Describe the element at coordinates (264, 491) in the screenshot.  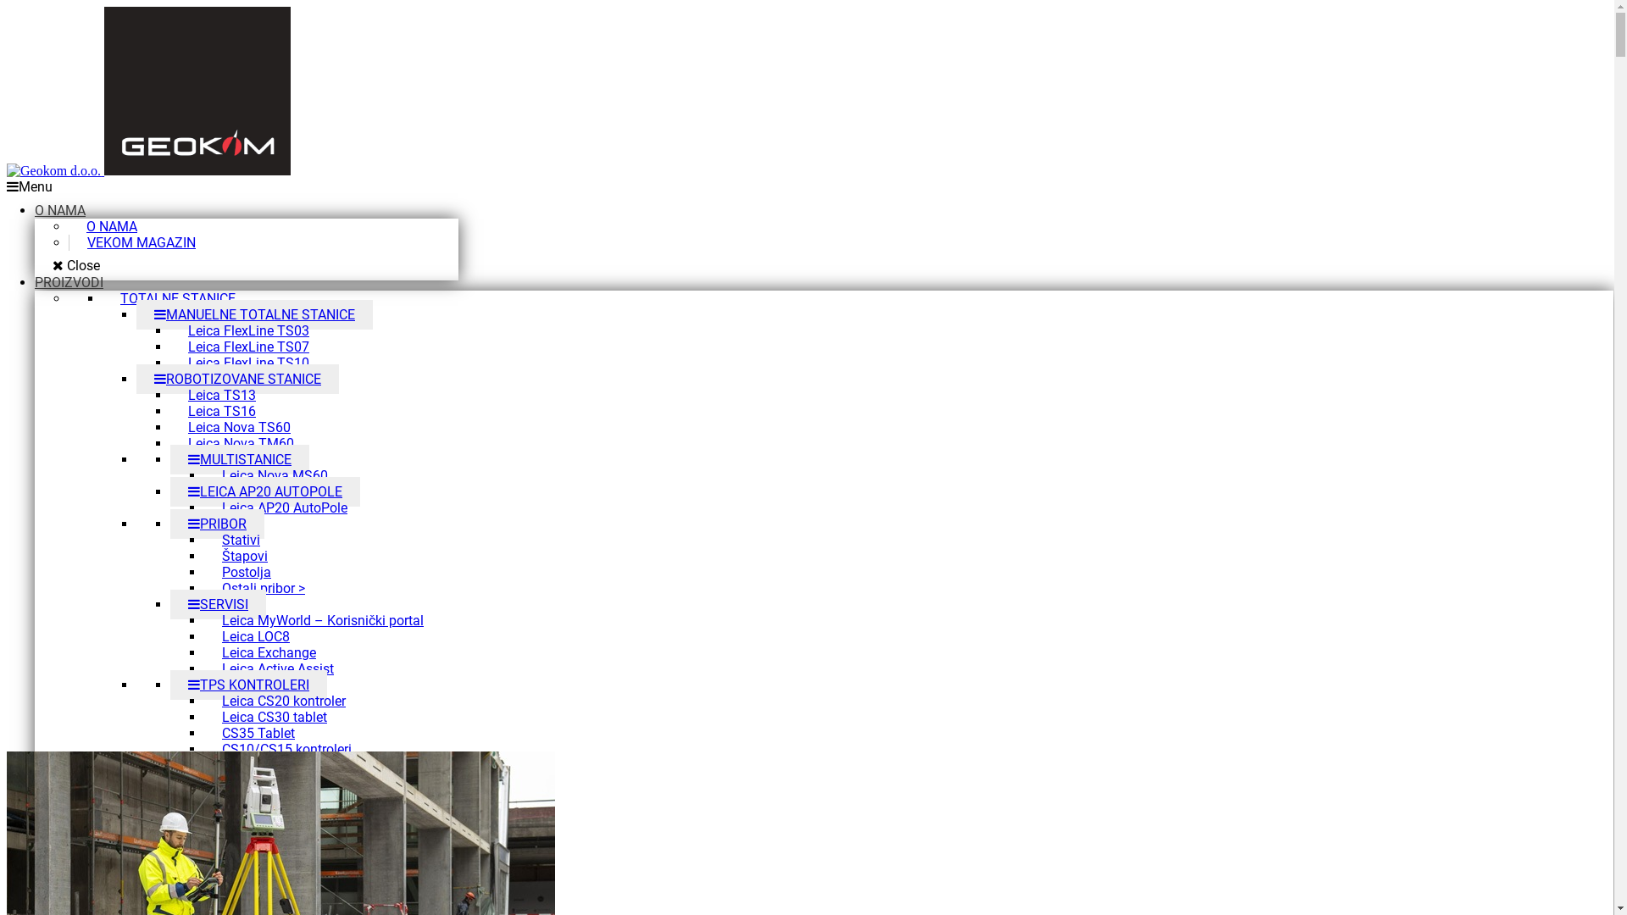
I see `'LEICA AP20 AUTOPOLE'` at that location.